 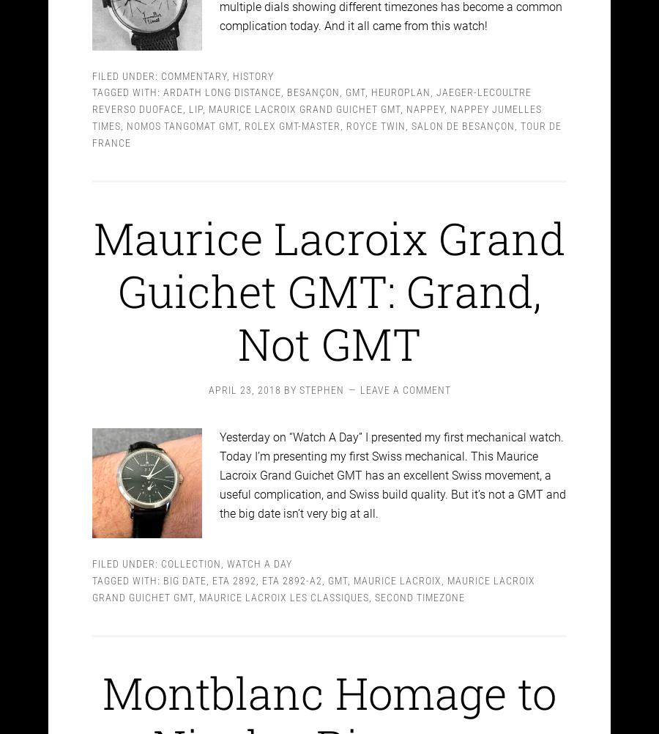 What do you see at coordinates (396, 567) in the screenshot?
I see `'Maurice Lacroix'` at bounding box center [396, 567].